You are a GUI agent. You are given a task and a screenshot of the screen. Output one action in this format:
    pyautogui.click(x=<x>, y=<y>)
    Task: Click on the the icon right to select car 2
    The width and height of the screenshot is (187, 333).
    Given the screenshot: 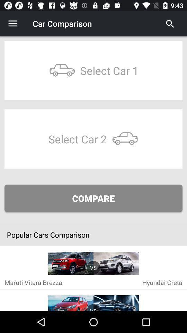 What is the action you would take?
    pyautogui.click(x=124, y=138)
    